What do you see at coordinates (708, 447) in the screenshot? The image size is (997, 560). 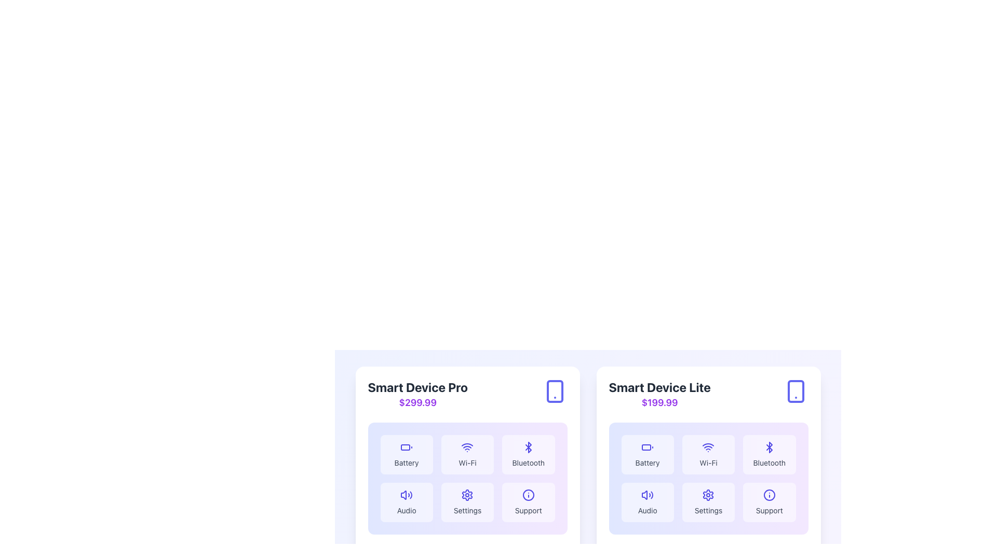 I see `the Wi-Fi icon located in the upper row of the feature icons grid within the 'Smart Device Lite' card layout, positioned above the 'Wi-Fi' text label` at bounding box center [708, 447].